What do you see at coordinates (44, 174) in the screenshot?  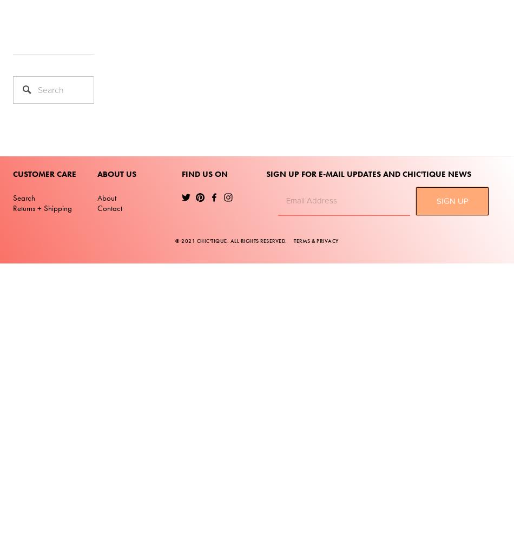 I see `'CUSTOMER CARE'` at bounding box center [44, 174].